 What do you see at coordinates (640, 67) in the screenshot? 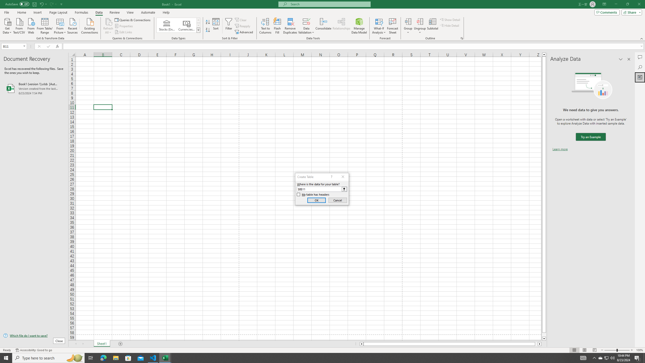
I see `'Search'` at bounding box center [640, 67].